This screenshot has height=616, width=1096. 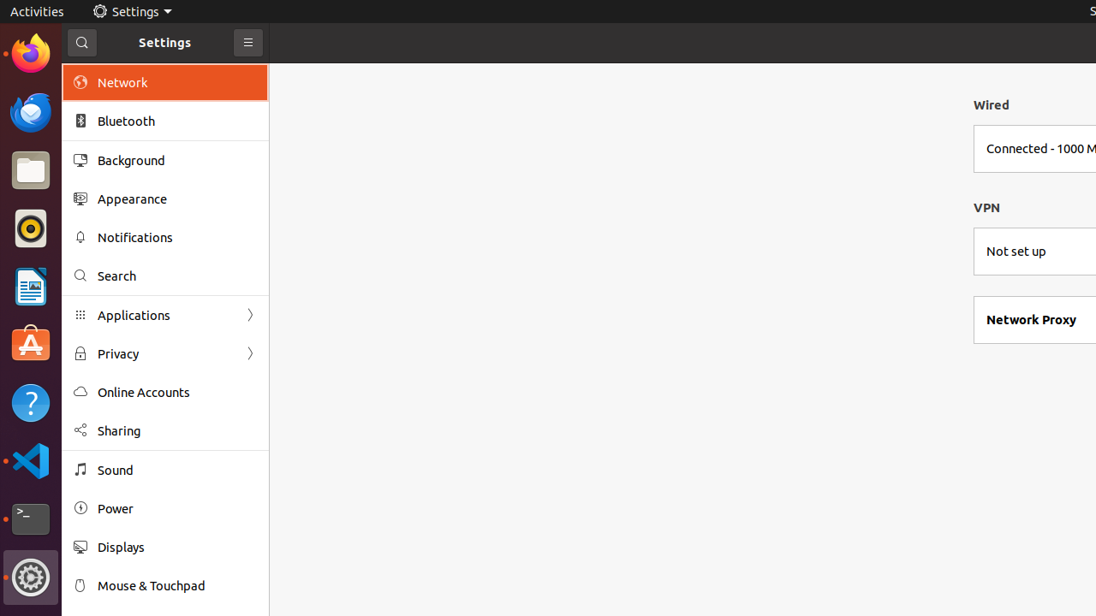 I want to click on 'Not set up', so click(x=1016, y=251).